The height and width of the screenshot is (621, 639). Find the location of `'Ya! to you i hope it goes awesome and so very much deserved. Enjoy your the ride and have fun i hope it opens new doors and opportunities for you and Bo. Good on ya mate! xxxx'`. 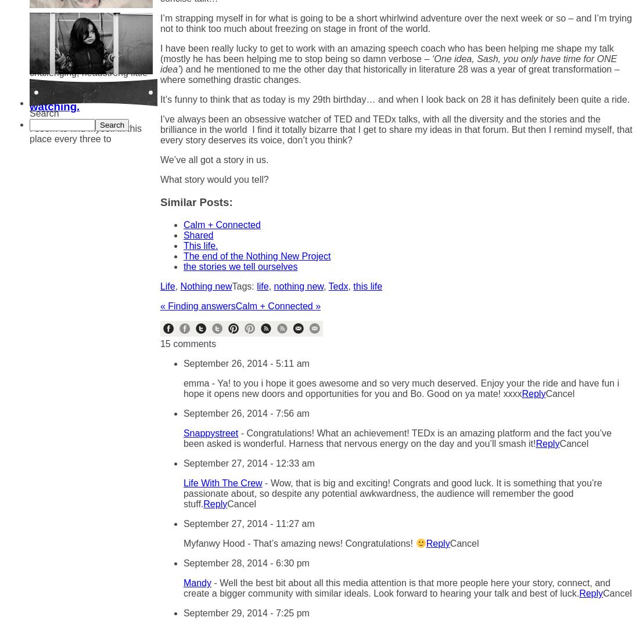

'Ya! to you i hope it goes awesome and so very much deserved. Enjoy your the ride and have fun i hope it opens new doors and opportunities for you and Bo. Good on ya mate! xxxx' is located at coordinates (400, 388).